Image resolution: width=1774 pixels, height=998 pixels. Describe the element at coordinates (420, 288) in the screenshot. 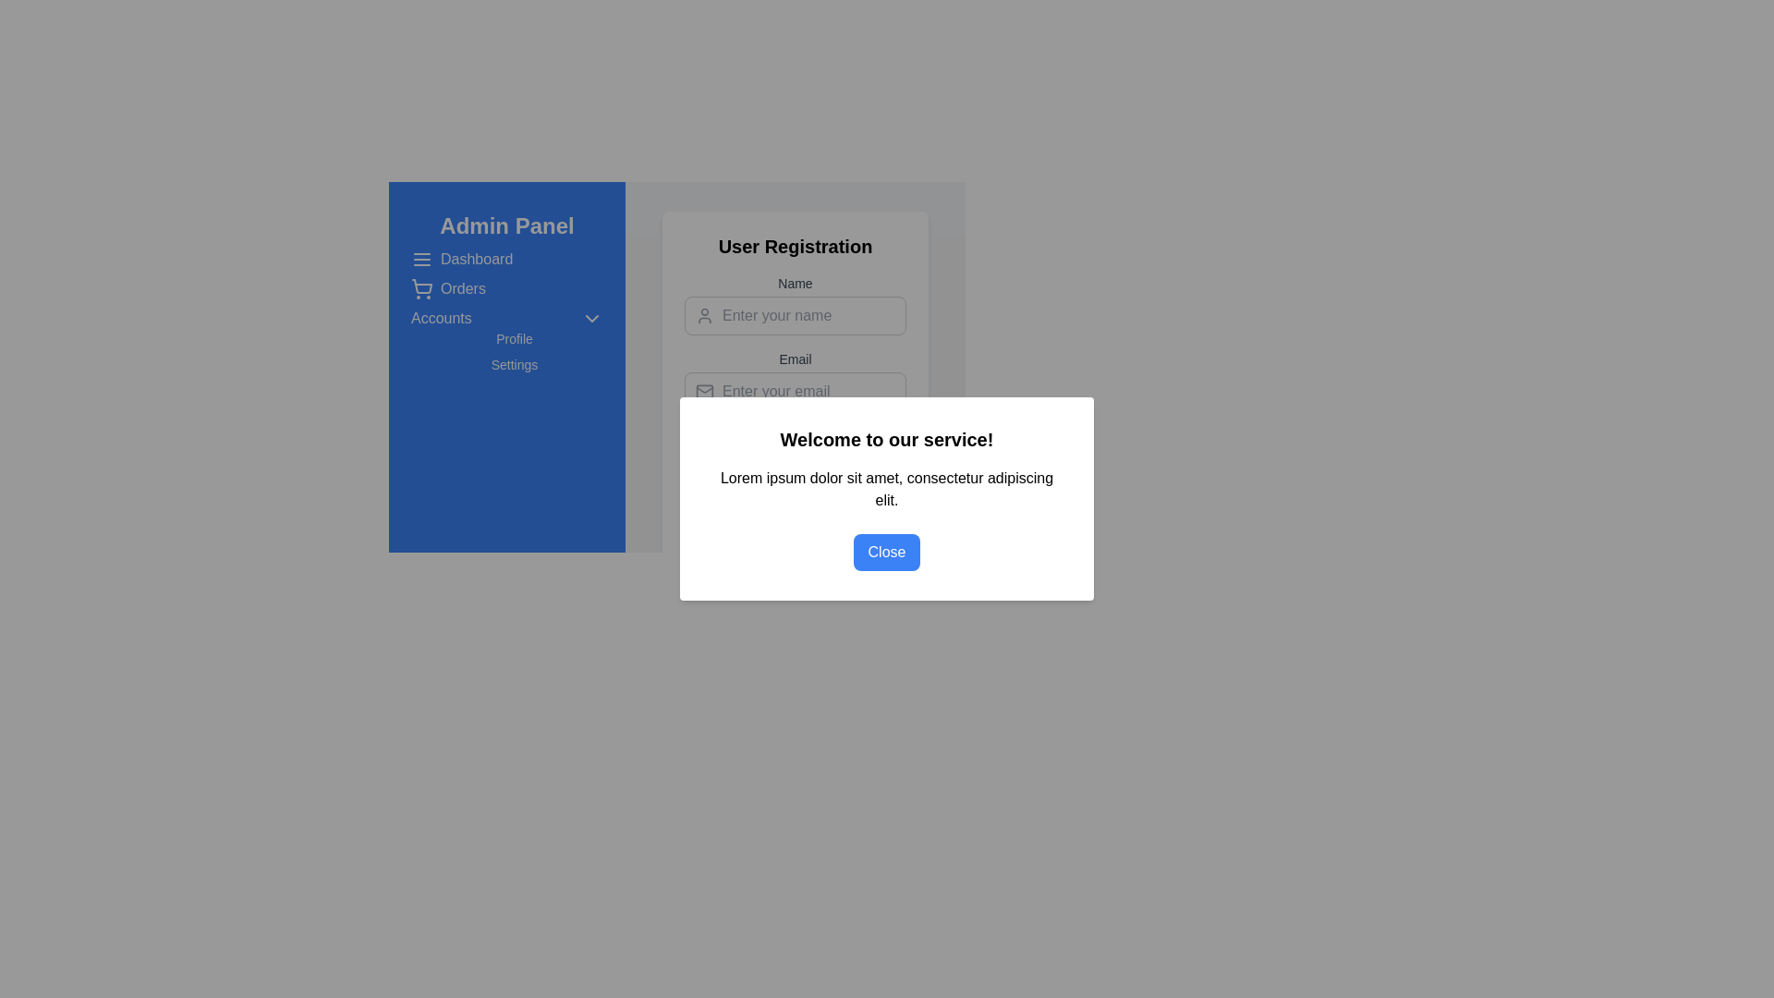

I see `the shopping cart icon with a thin, rounded outline located in the sidebar menu, to the left of the 'Orders' text` at that location.